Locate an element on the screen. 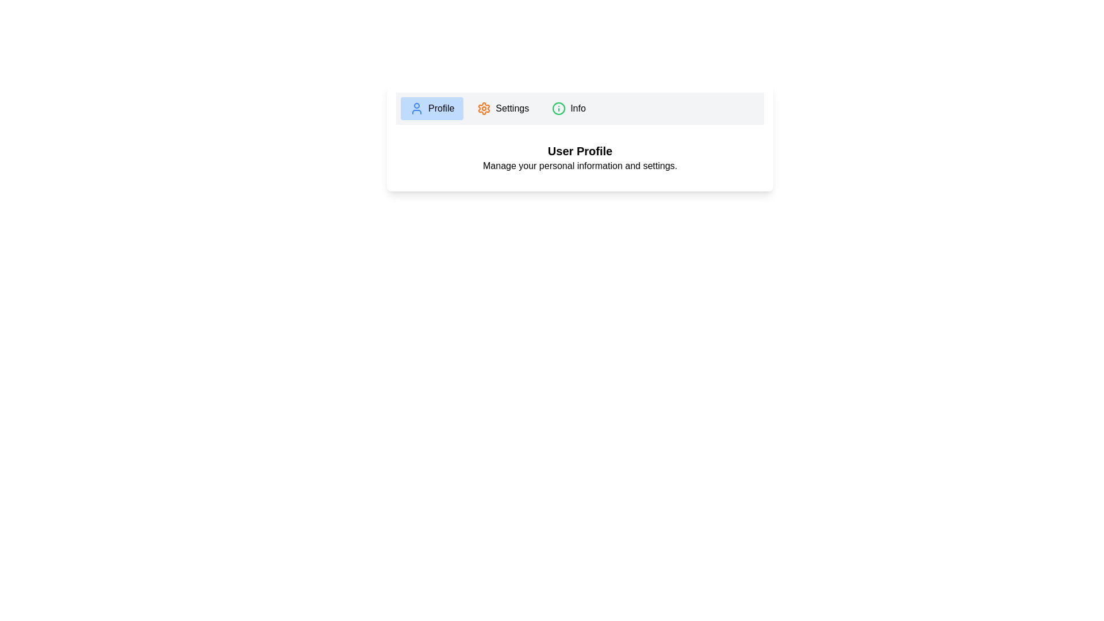  the tab 'Settings' to view its content is located at coordinates (503, 109).